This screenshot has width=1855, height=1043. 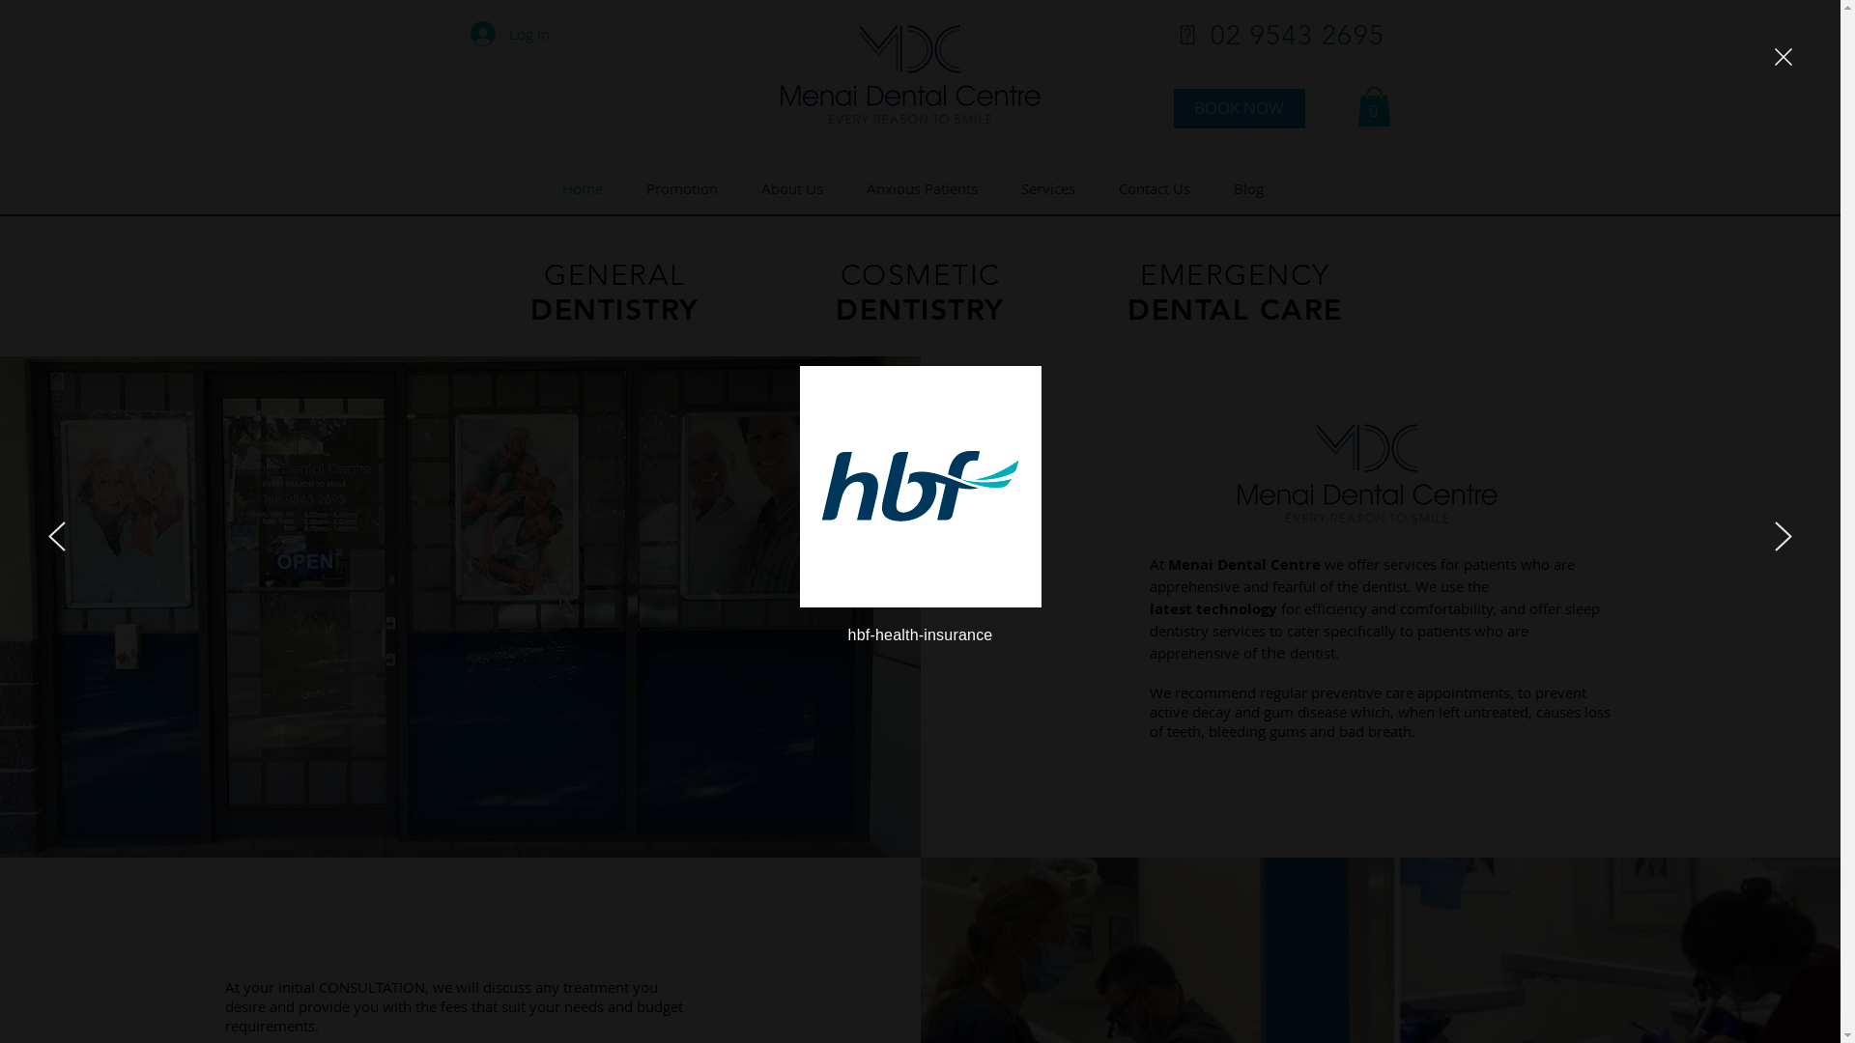 What do you see at coordinates (1172, 108) in the screenshot?
I see `'BOOK NOW'` at bounding box center [1172, 108].